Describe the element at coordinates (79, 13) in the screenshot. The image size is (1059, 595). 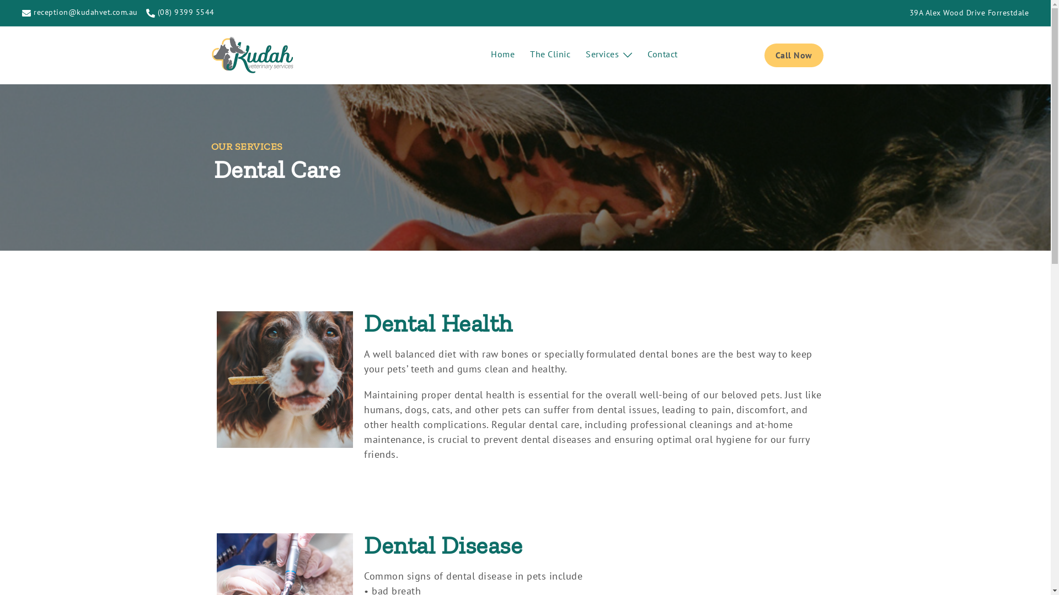
I see `'reception@kudahvet.com.au'` at that location.